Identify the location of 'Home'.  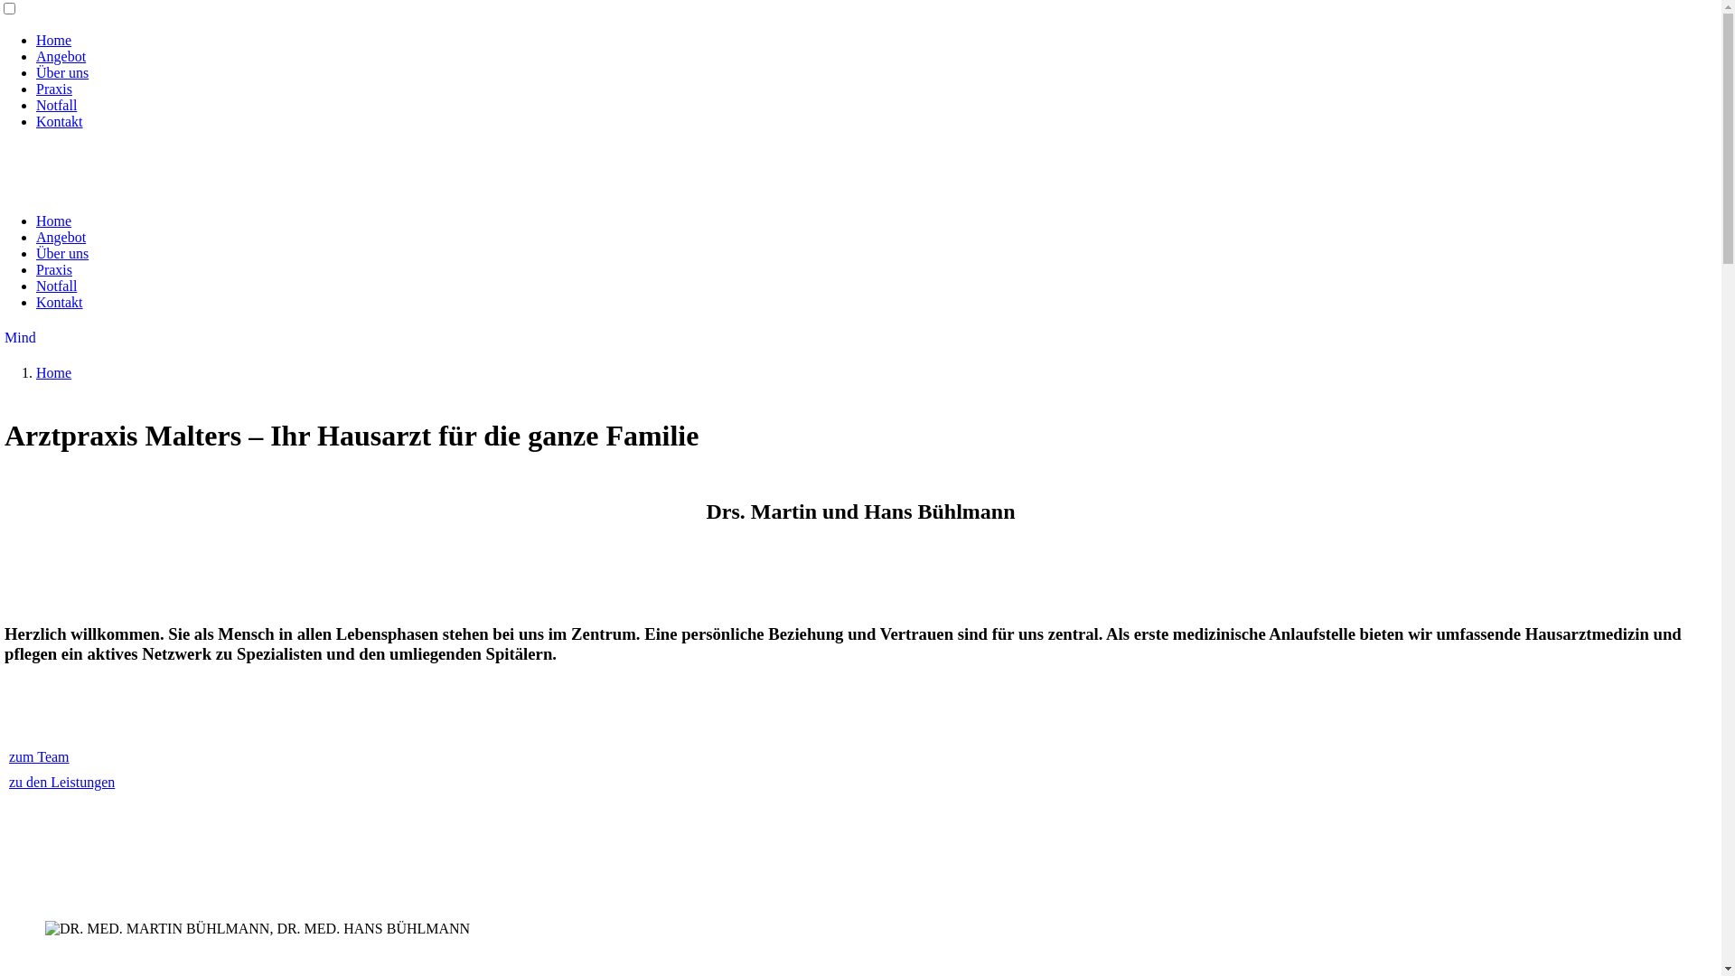
(53, 371).